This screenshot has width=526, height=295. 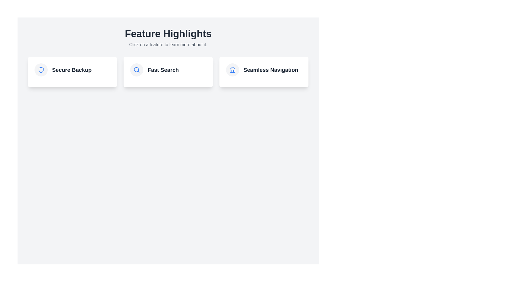 What do you see at coordinates (232, 69) in the screenshot?
I see `the rounded icon with a house symbol in the top right corner of the 'Seamless Navigation' feature card` at bounding box center [232, 69].